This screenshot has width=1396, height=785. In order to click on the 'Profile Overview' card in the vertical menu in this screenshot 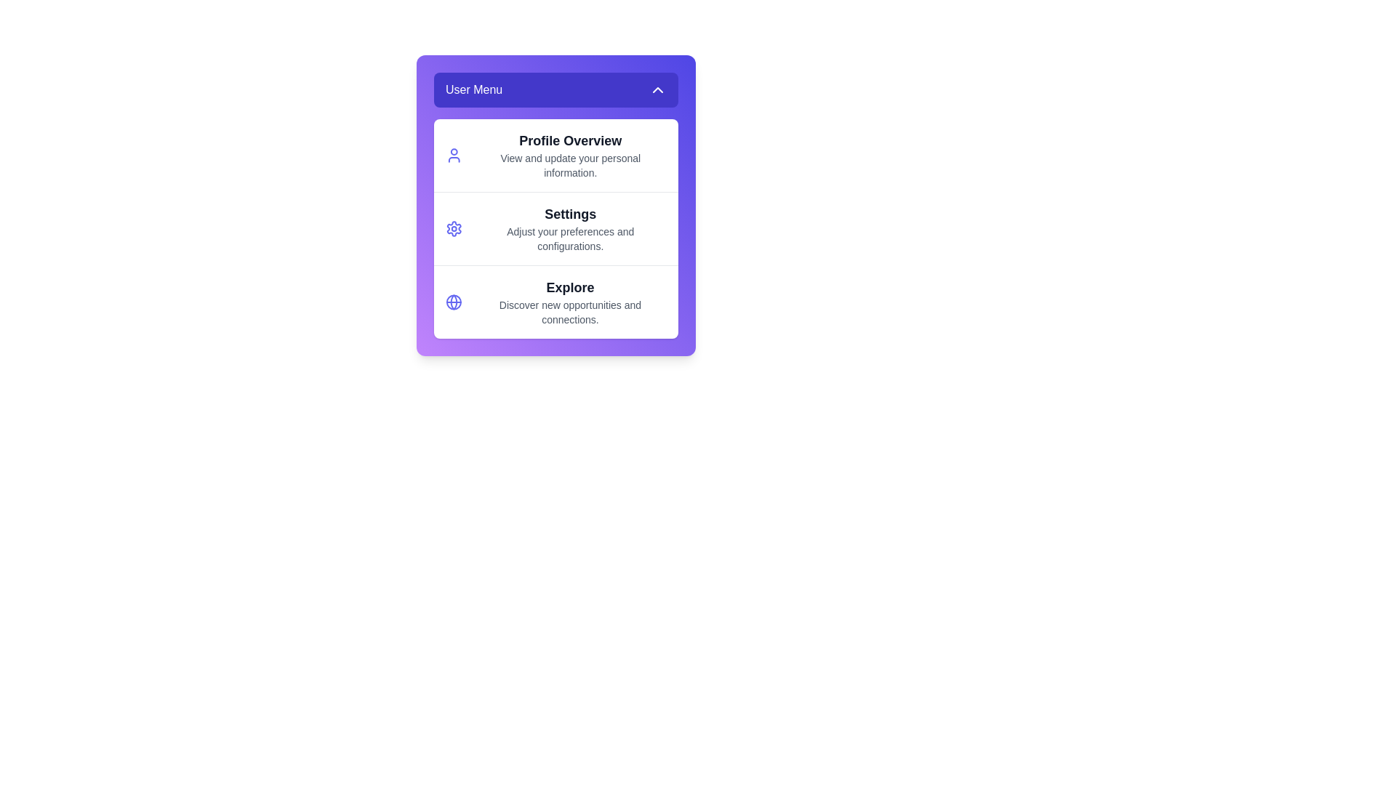, I will do `click(555, 155)`.